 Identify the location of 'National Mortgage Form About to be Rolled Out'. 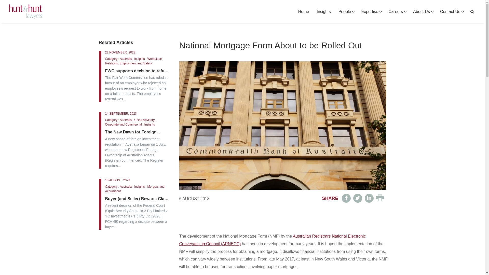
(282, 188).